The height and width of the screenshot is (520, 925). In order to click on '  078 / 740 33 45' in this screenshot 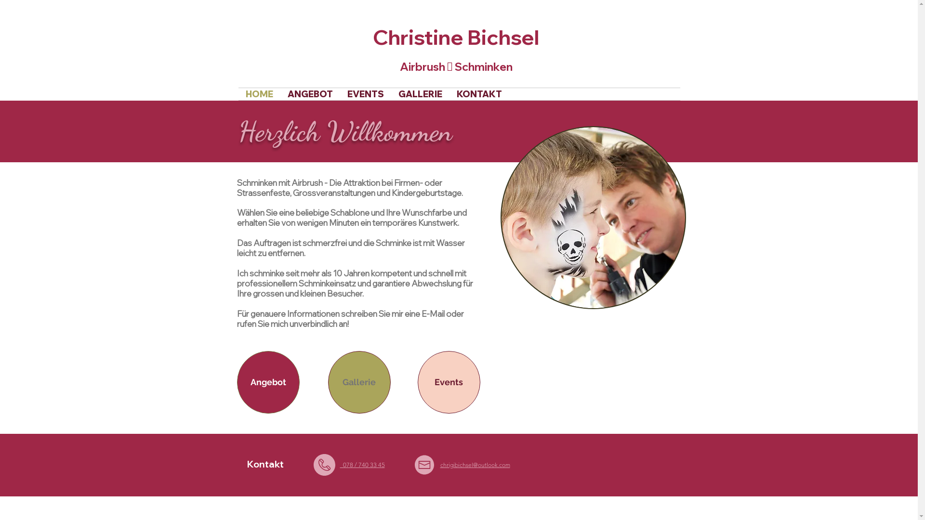, I will do `click(362, 464)`.